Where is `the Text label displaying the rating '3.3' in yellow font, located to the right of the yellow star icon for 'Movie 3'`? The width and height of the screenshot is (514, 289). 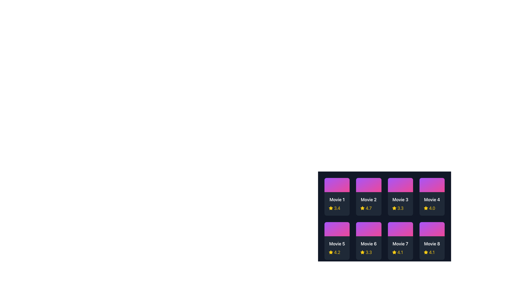
the Text label displaying the rating '3.3' in yellow font, located to the right of the yellow star icon for 'Movie 3' is located at coordinates (400, 208).